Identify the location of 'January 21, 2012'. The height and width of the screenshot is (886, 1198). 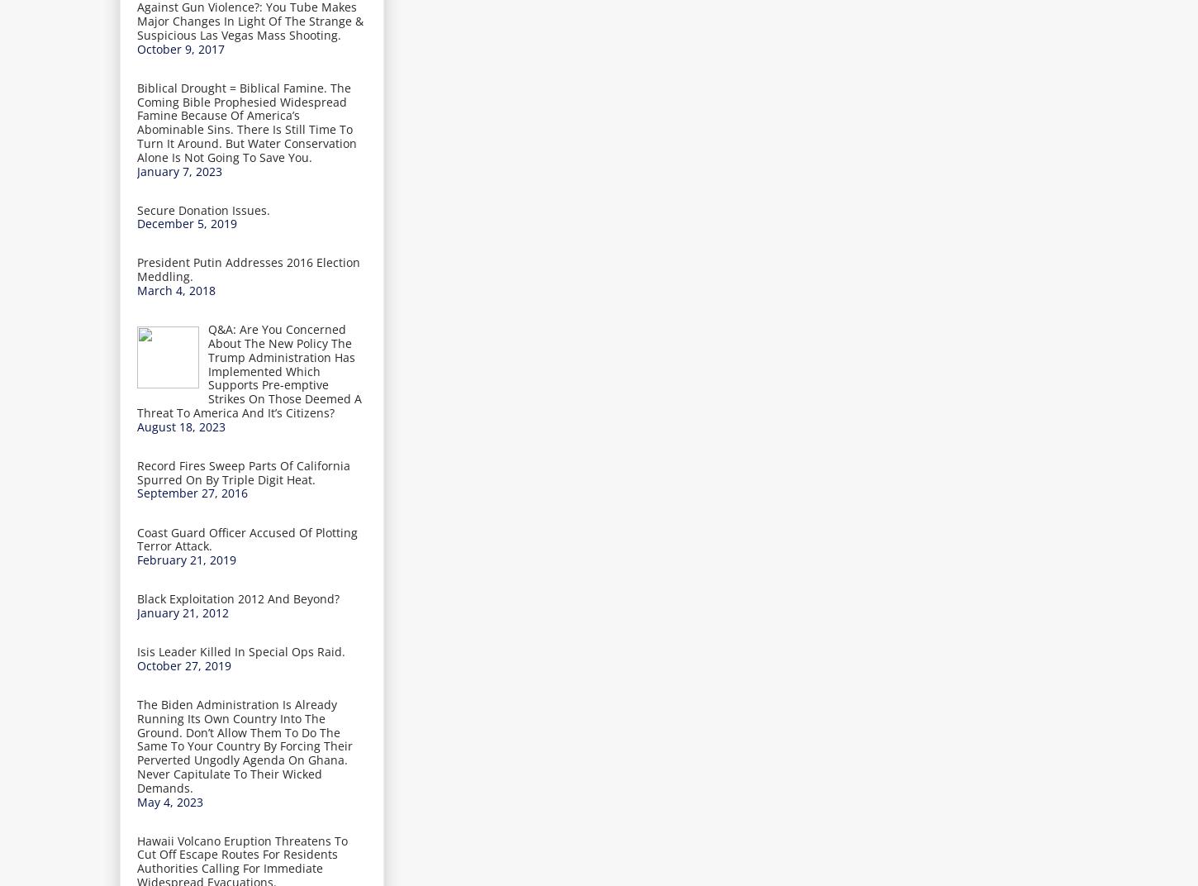
(182, 612).